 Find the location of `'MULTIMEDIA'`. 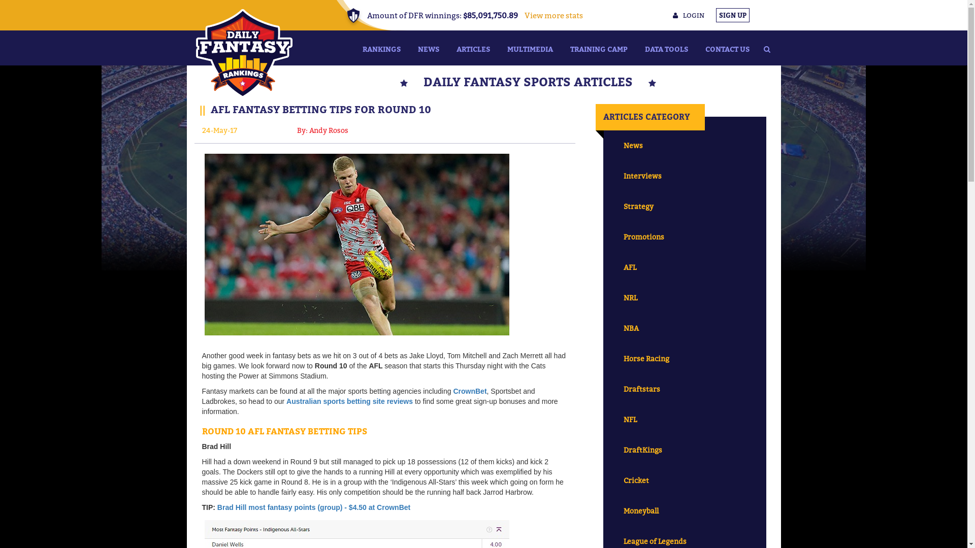

'MULTIMEDIA' is located at coordinates (529, 48).